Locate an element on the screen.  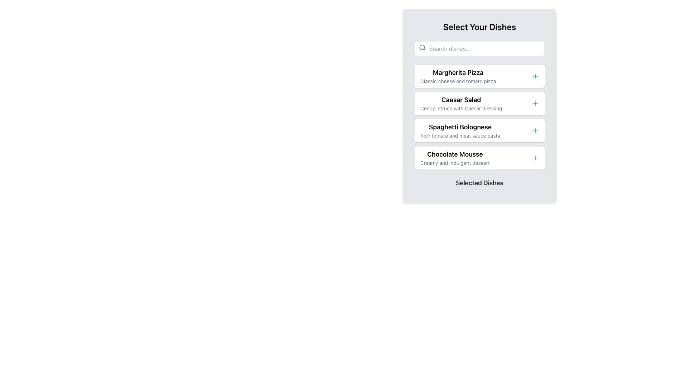
the 'Selected Dishes' label, which is a bold text label displayed against a light gray background, located beneath the 'Chocolate Mousse' dish entry is located at coordinates (479, 182).